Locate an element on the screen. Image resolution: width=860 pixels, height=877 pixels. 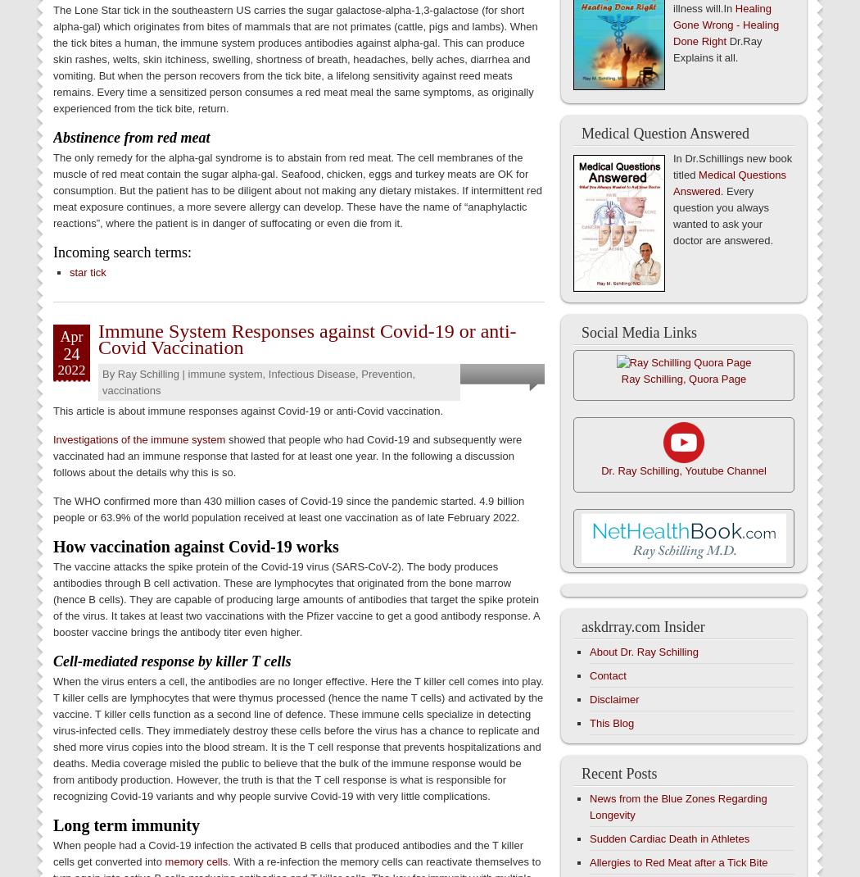
'In Dr.Schillings new book titled' is located at coordinates (731, 166).